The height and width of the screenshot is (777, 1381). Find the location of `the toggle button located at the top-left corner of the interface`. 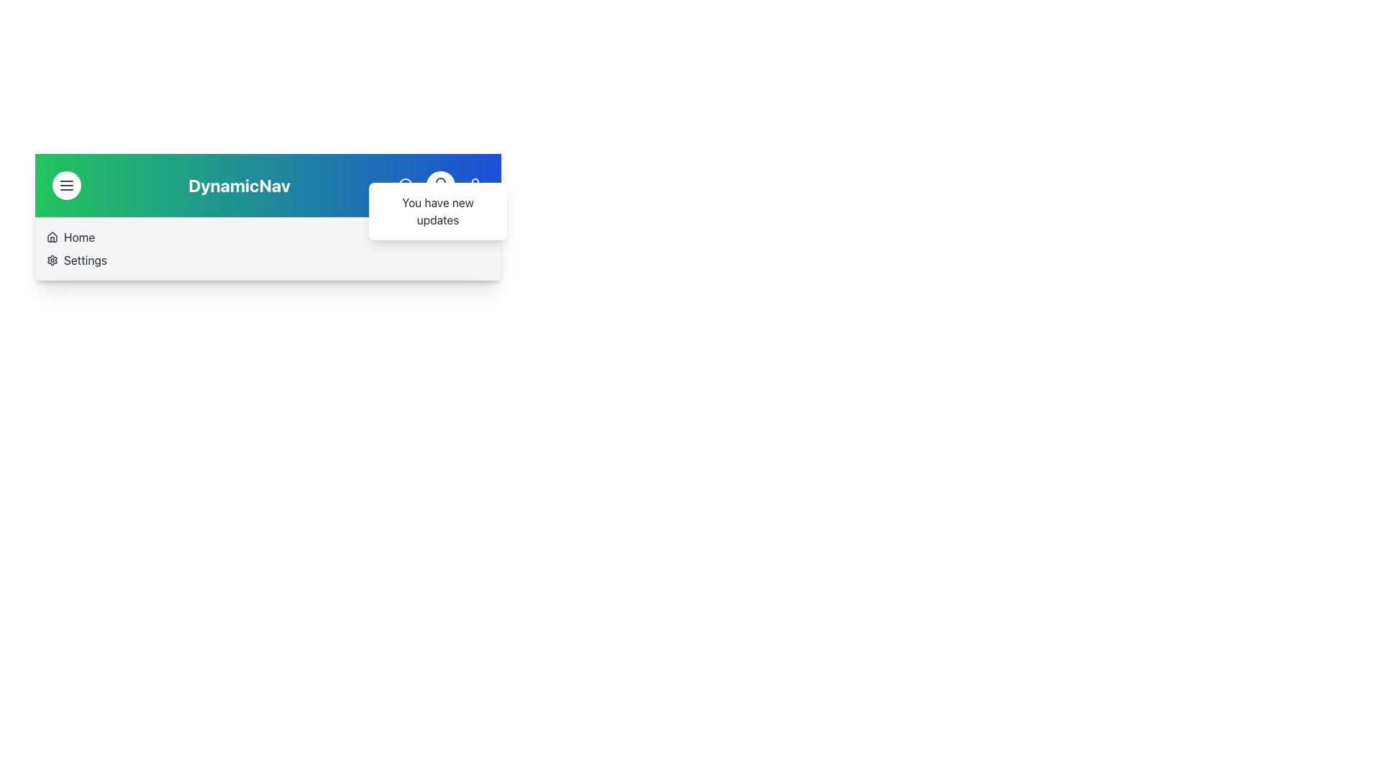

the toggle button located at the top-left corner of the interface is located at coordinates (65, 185).